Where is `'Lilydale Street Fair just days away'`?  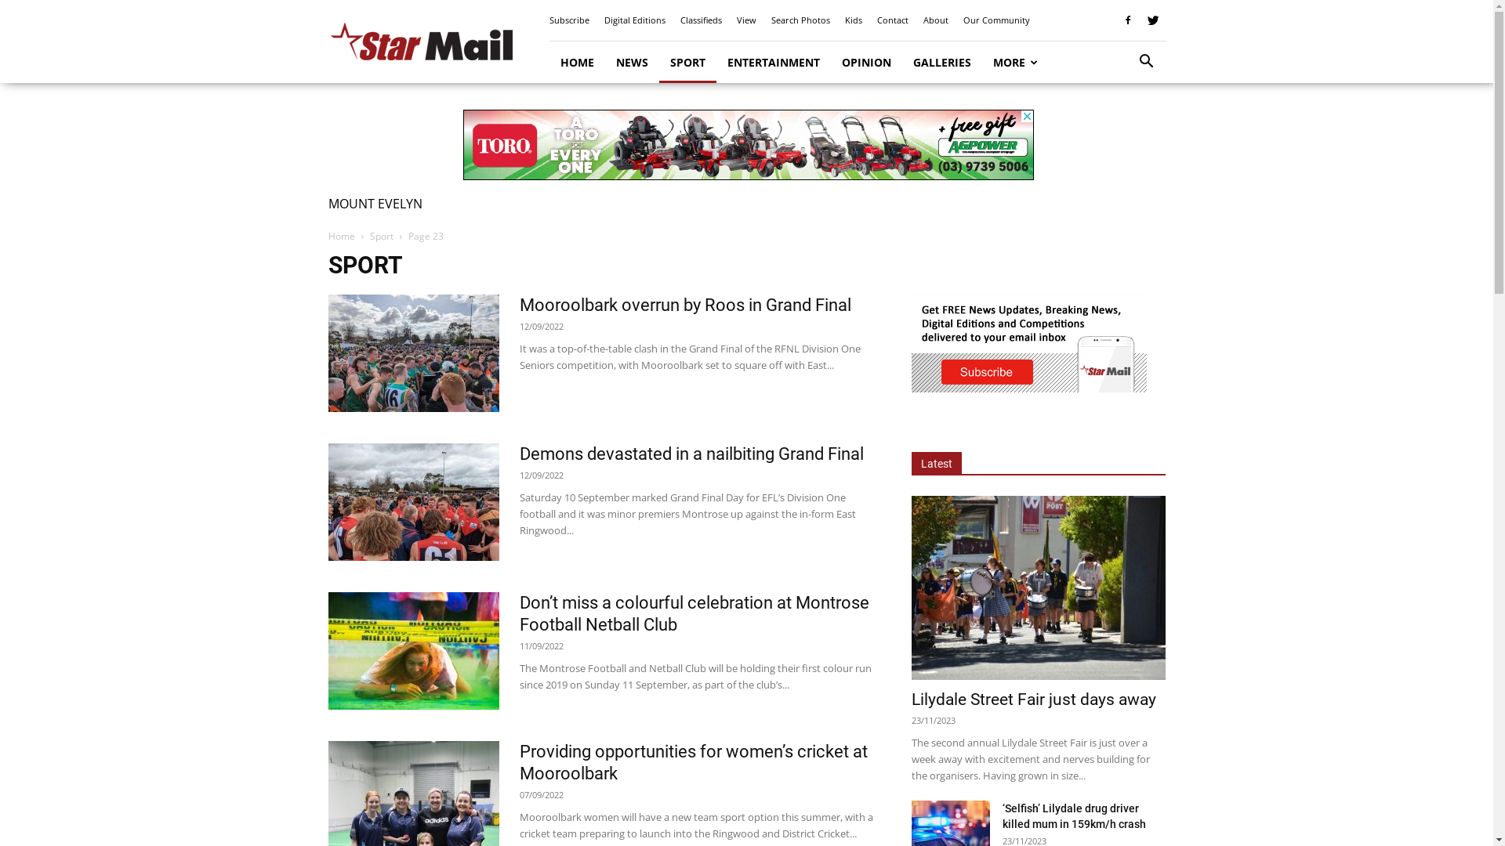 'Lilydale Street Fair just days away' is located at coordinates (1033, 699).